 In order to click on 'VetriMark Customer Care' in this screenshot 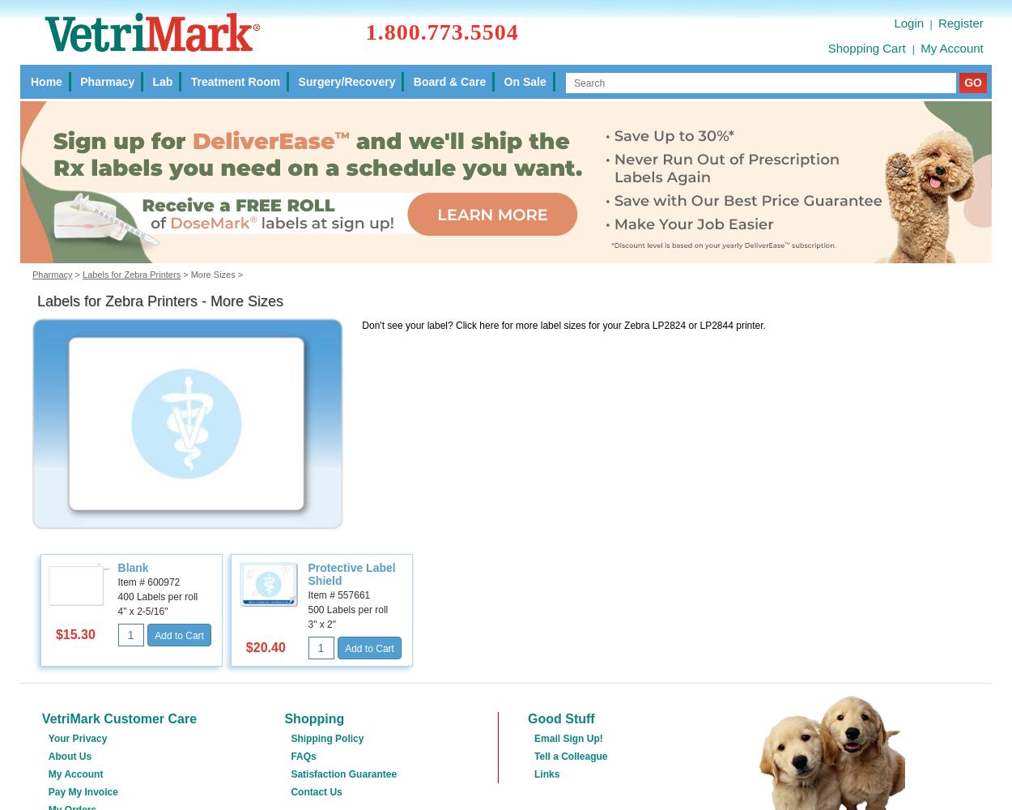, I will do `click(119, 718)`.